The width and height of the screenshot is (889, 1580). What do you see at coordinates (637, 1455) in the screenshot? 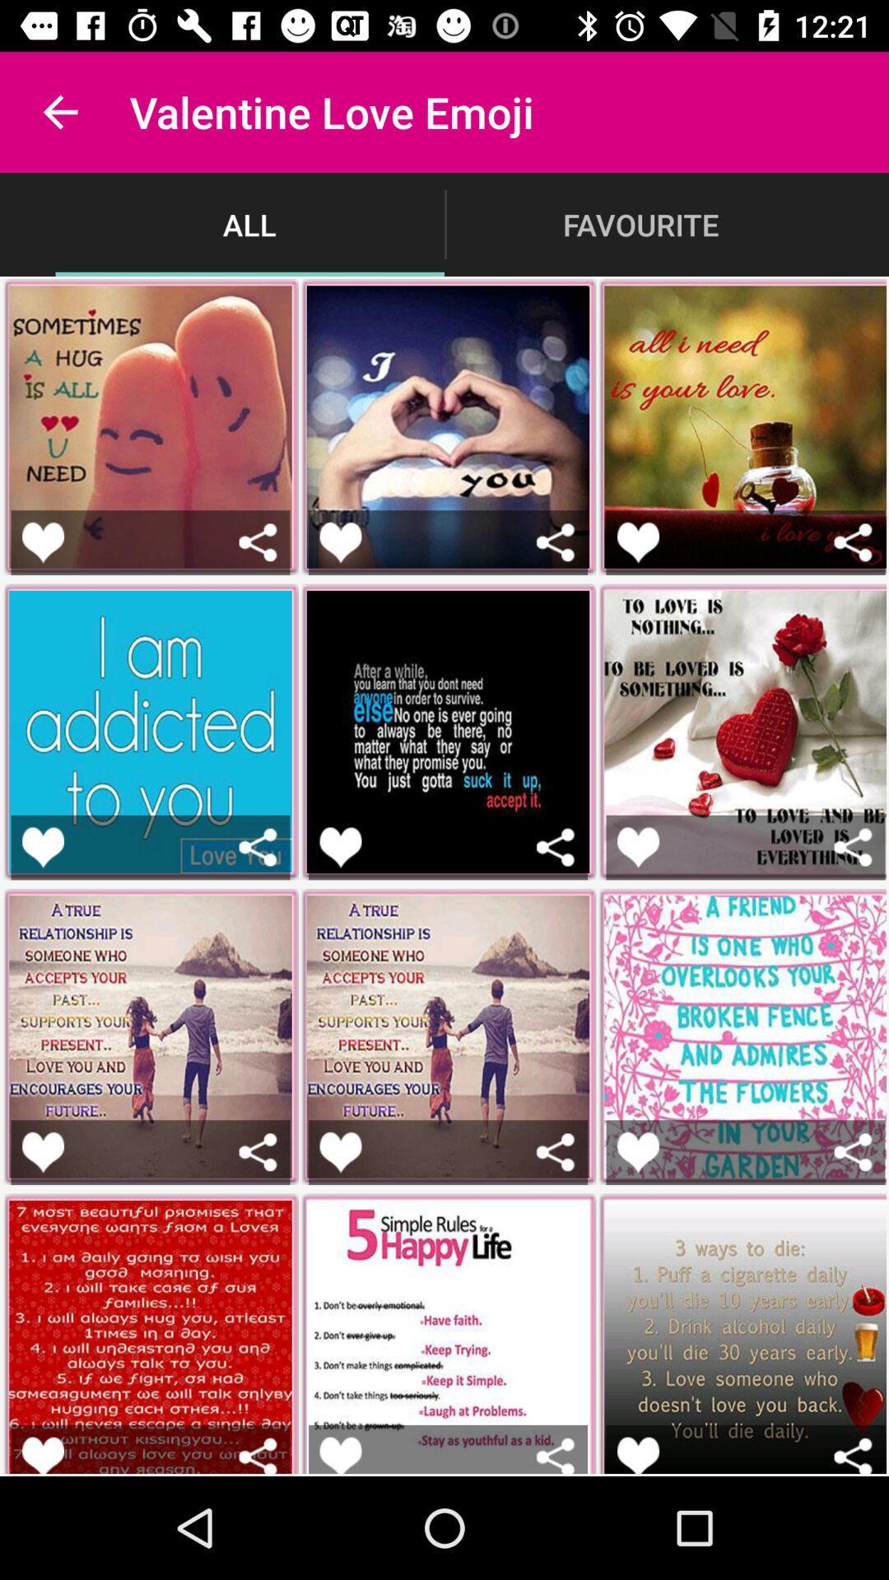
I see `this` at bounding box center [637, 1455].